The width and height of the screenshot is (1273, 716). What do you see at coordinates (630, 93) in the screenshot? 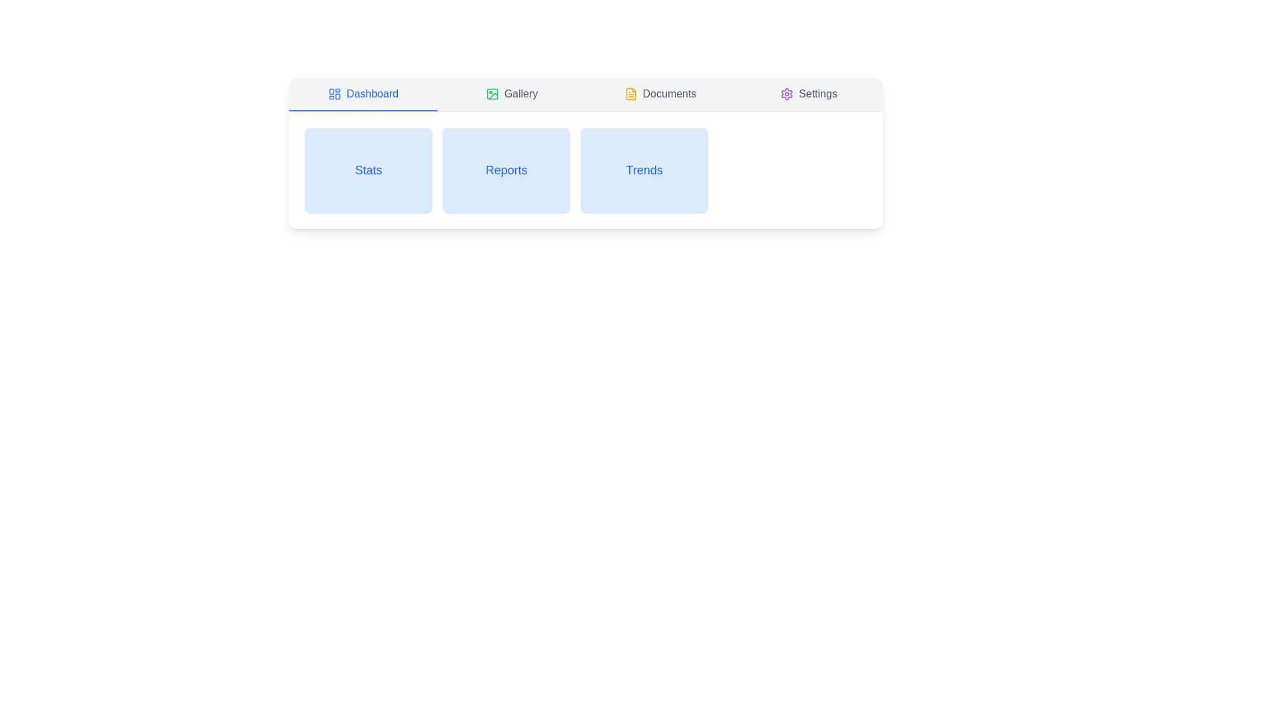
I see `the 'Documents' icon located in the navigation bar, which is the largest component in that section` at bounding box center [630, 93].